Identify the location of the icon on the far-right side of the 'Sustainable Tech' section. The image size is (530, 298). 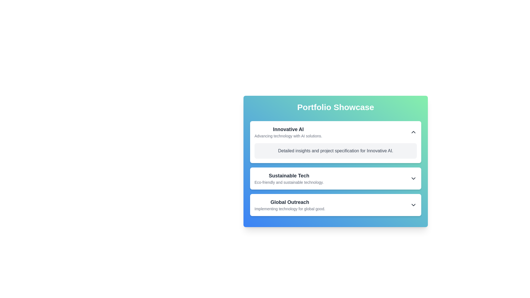
(413, 179).